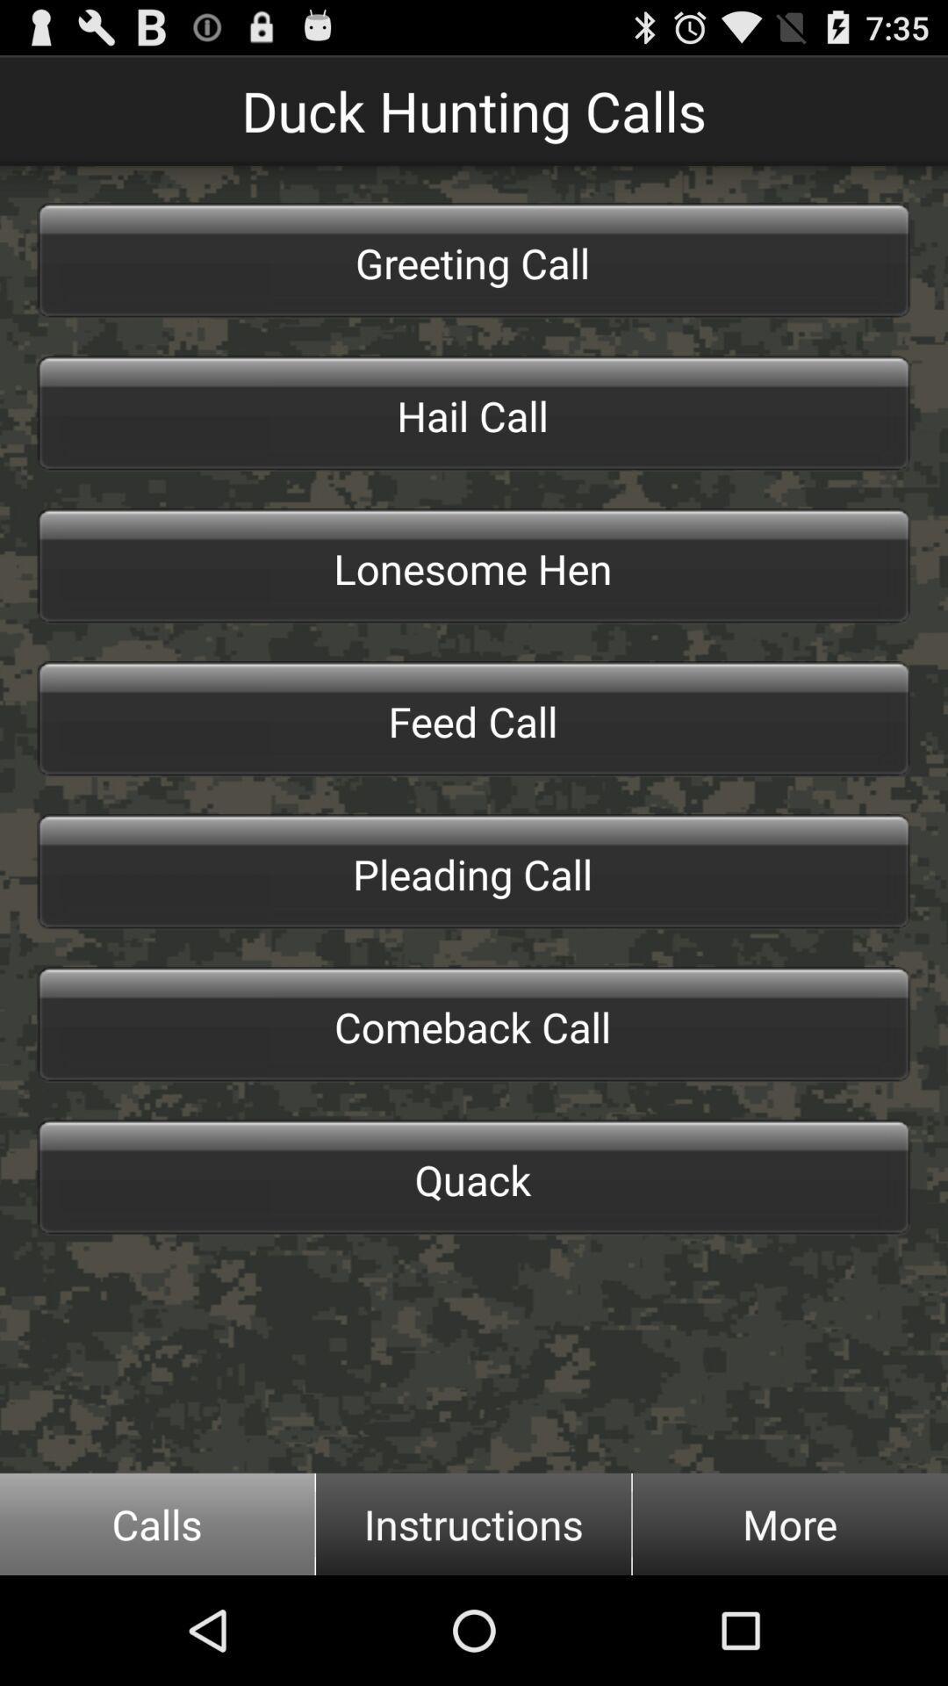  Describe the element at coordinates (474, 1177) in the screenshot. I see `the icon below the comeback call icon` at that location.